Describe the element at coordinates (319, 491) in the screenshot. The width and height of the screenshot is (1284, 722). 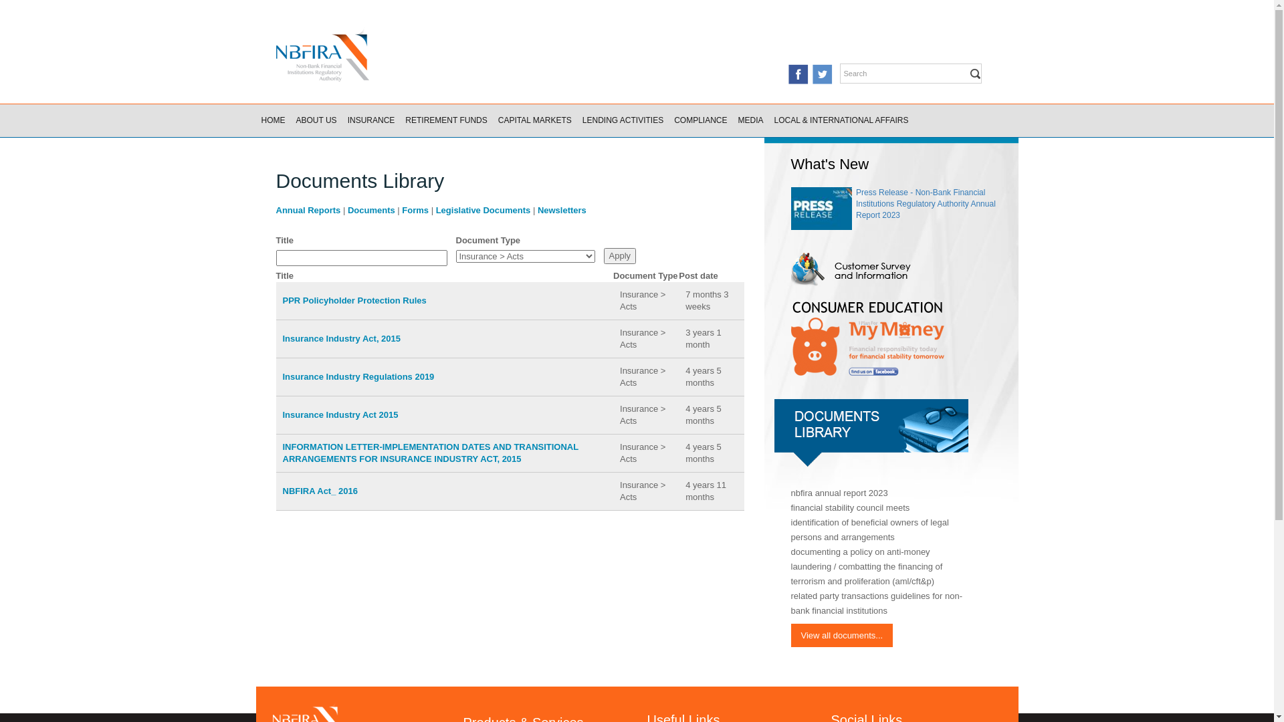
I see `'NBFIRA Act_ 2016'` at that location.